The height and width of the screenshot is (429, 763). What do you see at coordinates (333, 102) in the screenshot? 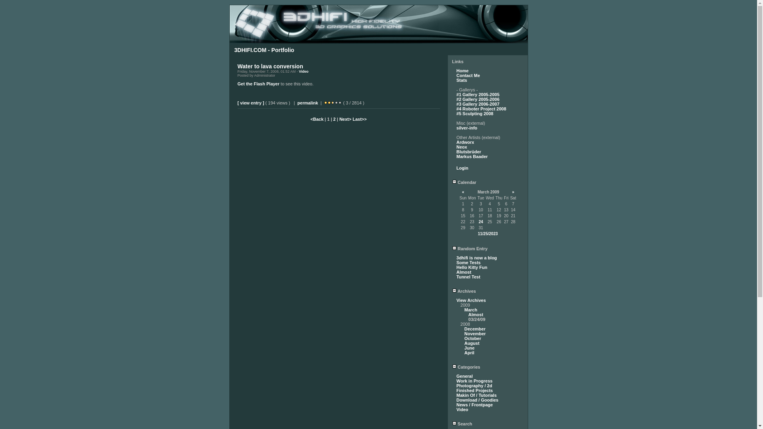
I see `'Click to Rate Entry'` at bounding box center [333, 102].